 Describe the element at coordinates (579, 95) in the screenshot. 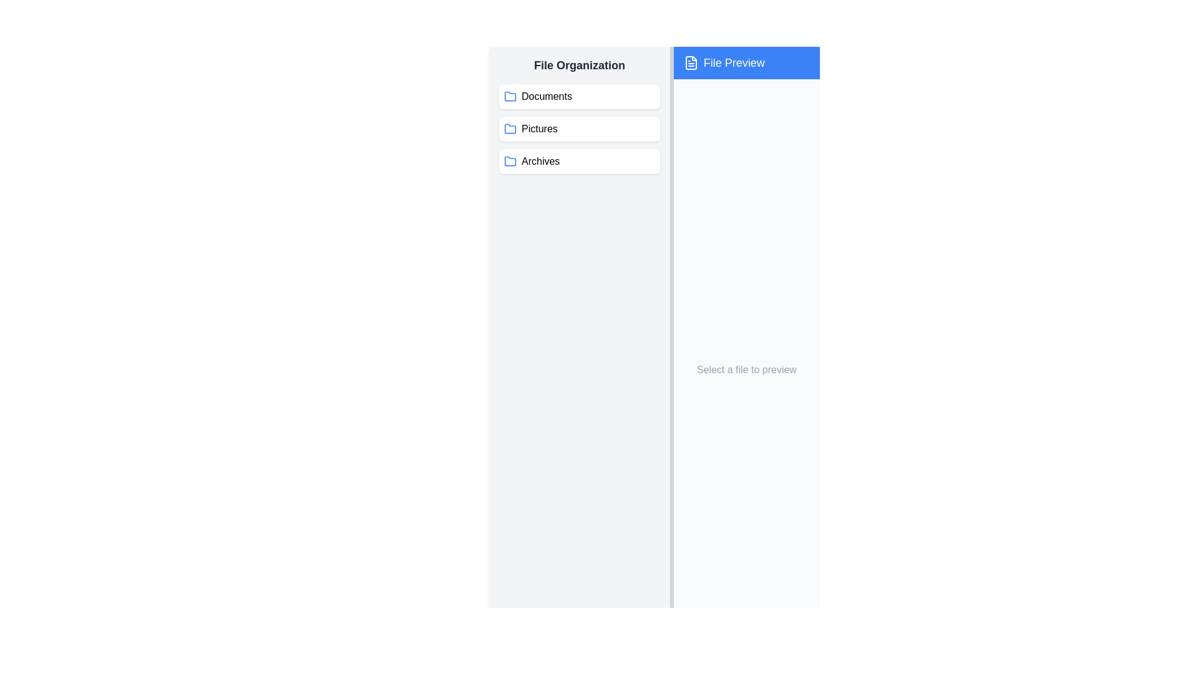

I see `the 'Documents' button in the File Organization navigation menu to change its background color` at that location.